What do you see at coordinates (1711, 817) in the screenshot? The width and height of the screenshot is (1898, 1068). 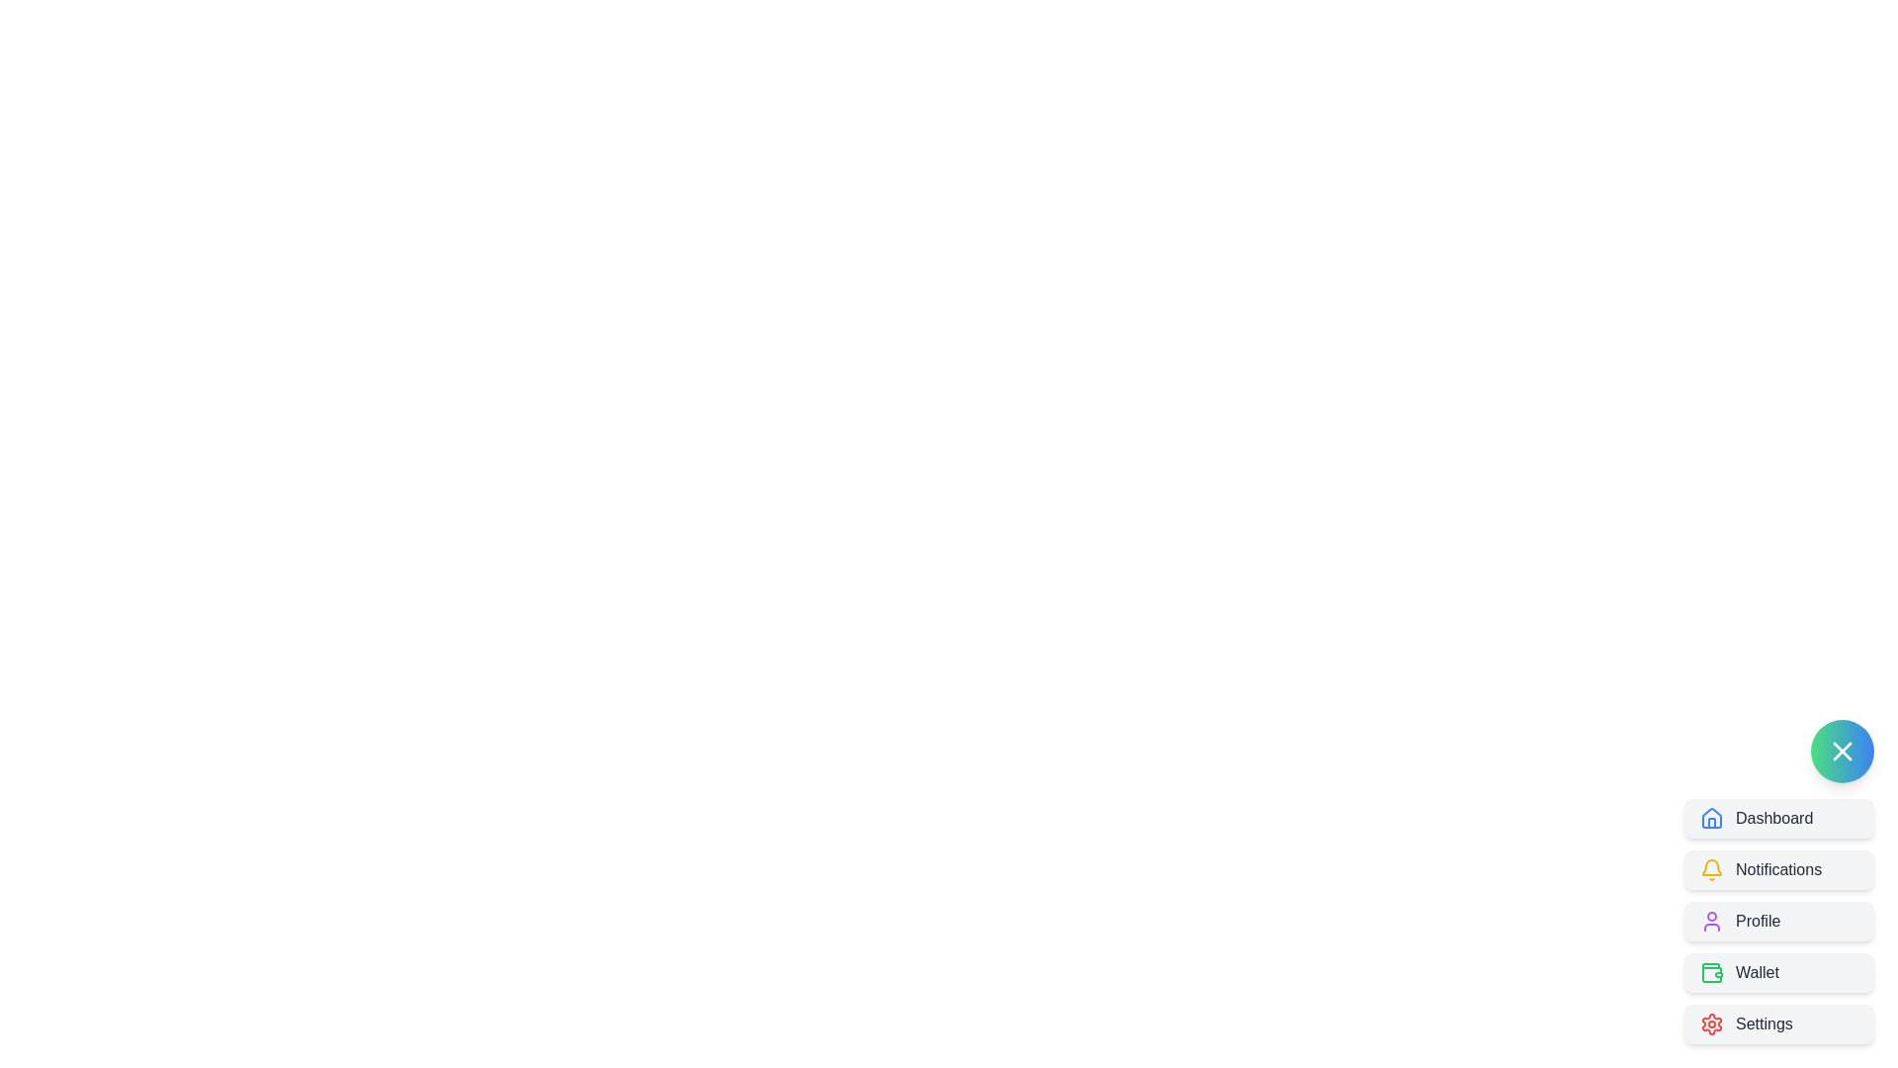 I see `the visual representation of the 'Dashboard' Icon located in the top left corner of the 'Dashboard' button in the vertical navigation menu` at bounding box center [1711, 817].